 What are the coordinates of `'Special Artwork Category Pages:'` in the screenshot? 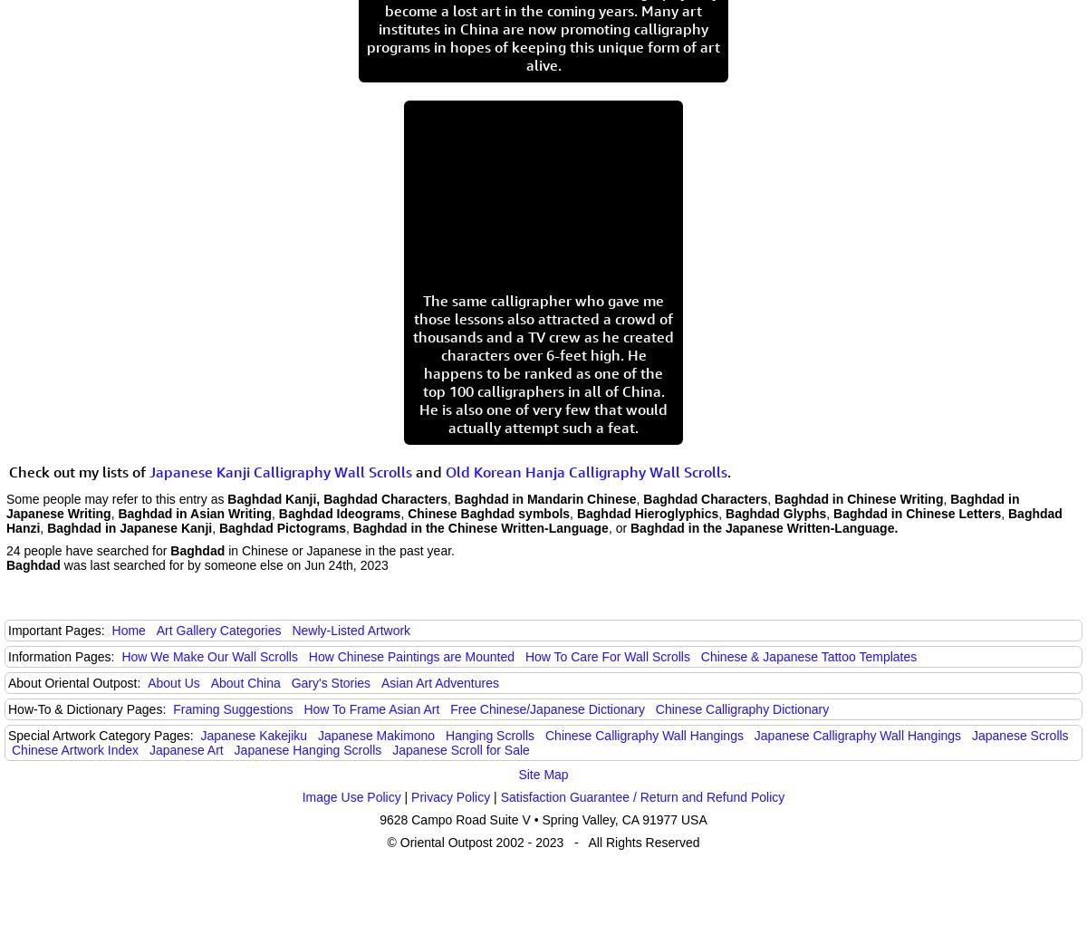 It's located at (8, 735).